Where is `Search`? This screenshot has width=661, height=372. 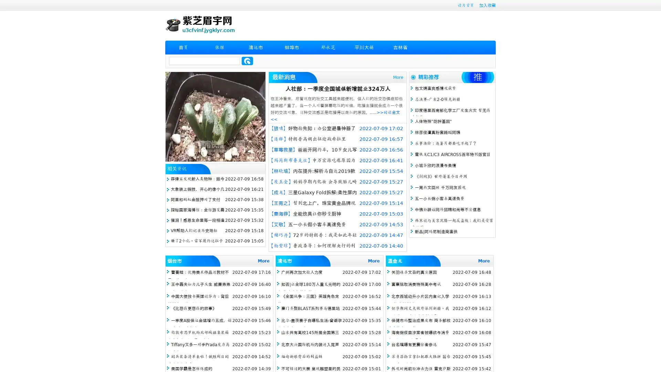
Search is located at coordinates (247, 61).